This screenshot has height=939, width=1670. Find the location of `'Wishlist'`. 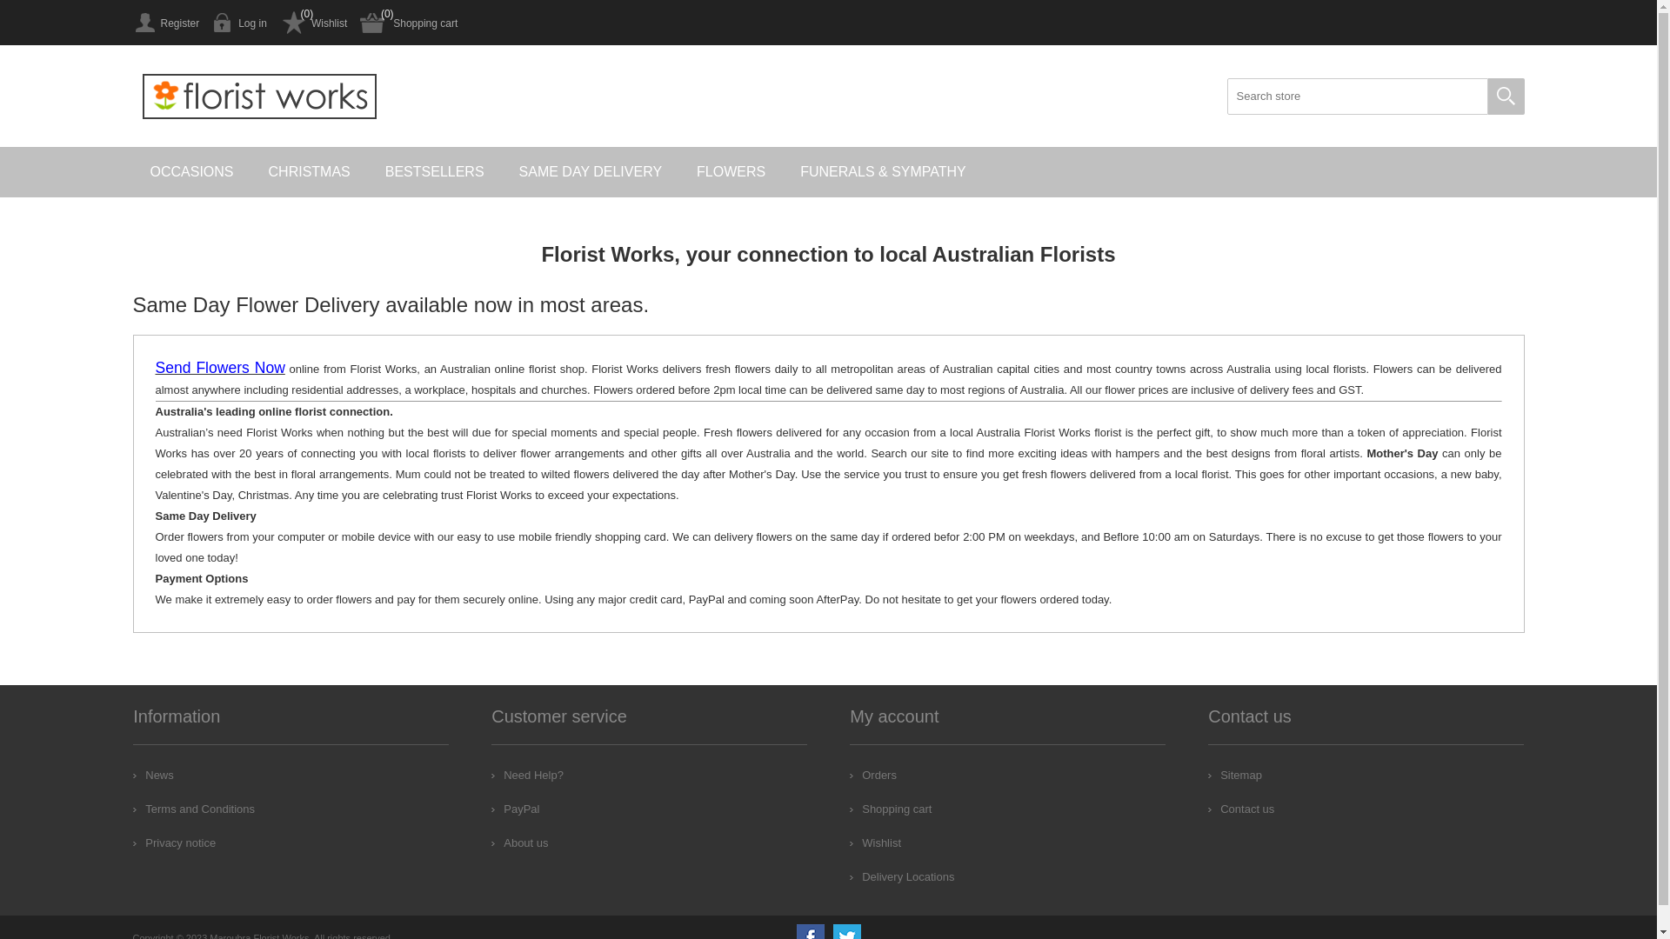

'Wishlist' is located at coordinates (313, 23).